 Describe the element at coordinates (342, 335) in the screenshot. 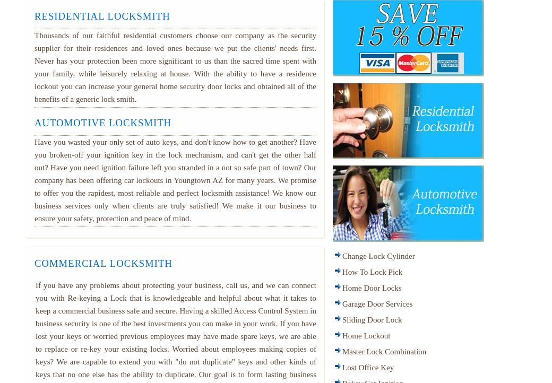

I see `'Home Lockout'` at that location.